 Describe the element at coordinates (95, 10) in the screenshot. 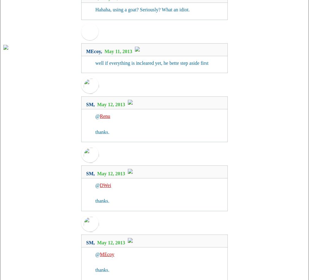

I see `'Hahaha, using a goat? Seriously? What an idiot.'` at that location.